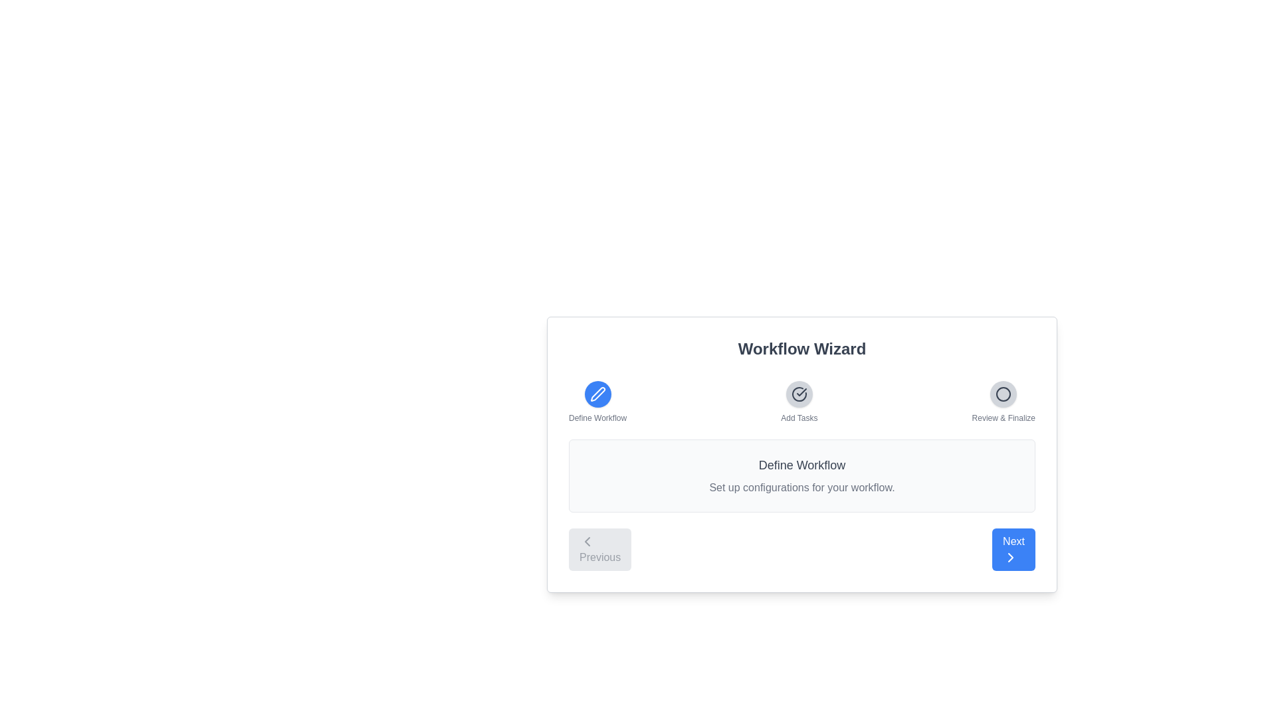 This screenshot has height=717, width=1276. I want to click on the status of the right-facing chevron icon located inside the blue 'Next' button in the bottom-right corner of the card interface, so click(1010, 558).